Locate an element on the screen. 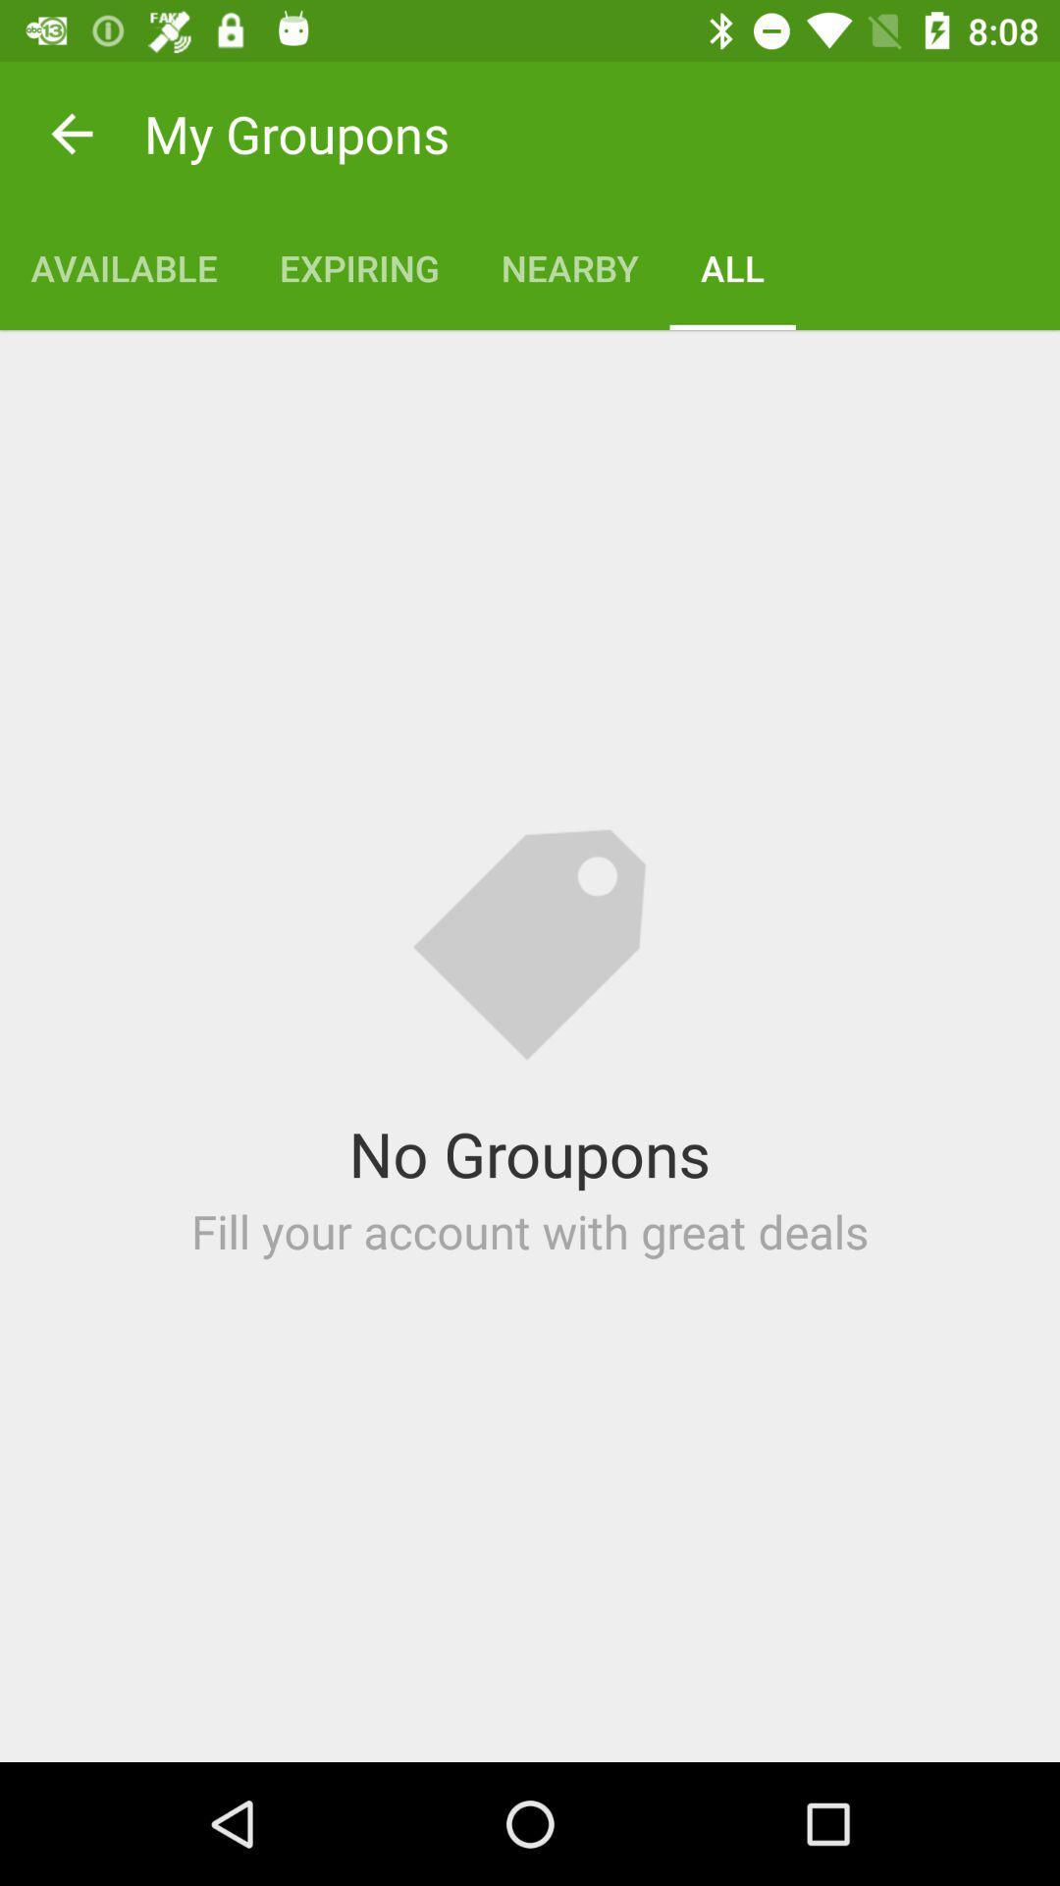 This screenshot has width=1060, height=1886. item next to the my groupons is located at coordinates (71, 133).